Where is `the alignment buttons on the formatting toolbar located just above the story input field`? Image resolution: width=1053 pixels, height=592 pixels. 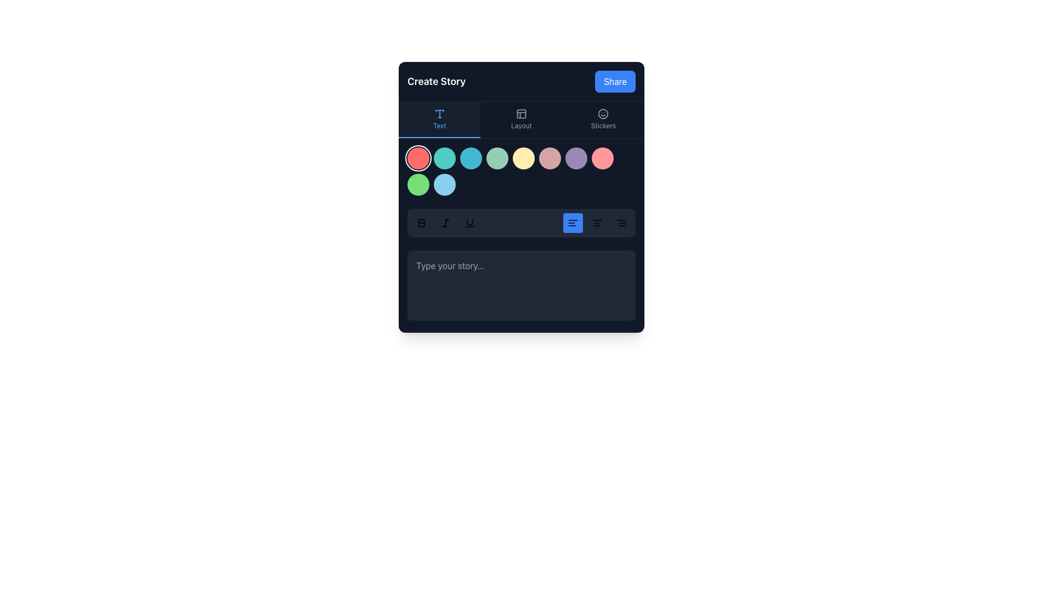
the alignment buttons on the formatting toolbar located just above the story input field is located at coordinates (520, 223).